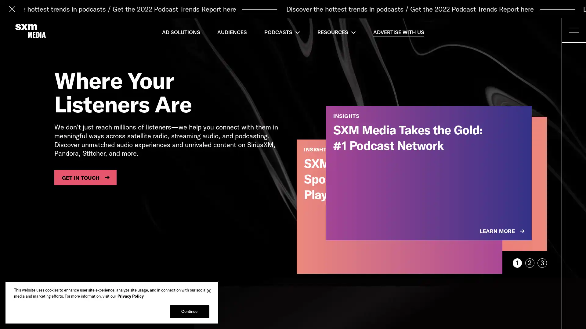  Describe the element at coordinates (209, 291) in the screenshot. I see `Close` at that location.